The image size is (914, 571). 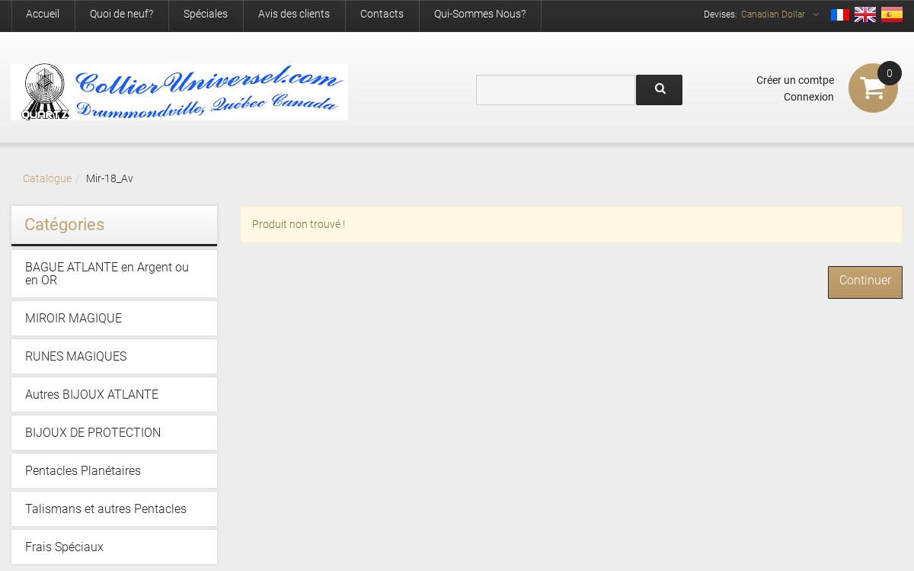 What do you see at coordinates (82, 470) in the screenshot?
I see `'Pentacles Planétaires'` at bounding box center [82, 470].